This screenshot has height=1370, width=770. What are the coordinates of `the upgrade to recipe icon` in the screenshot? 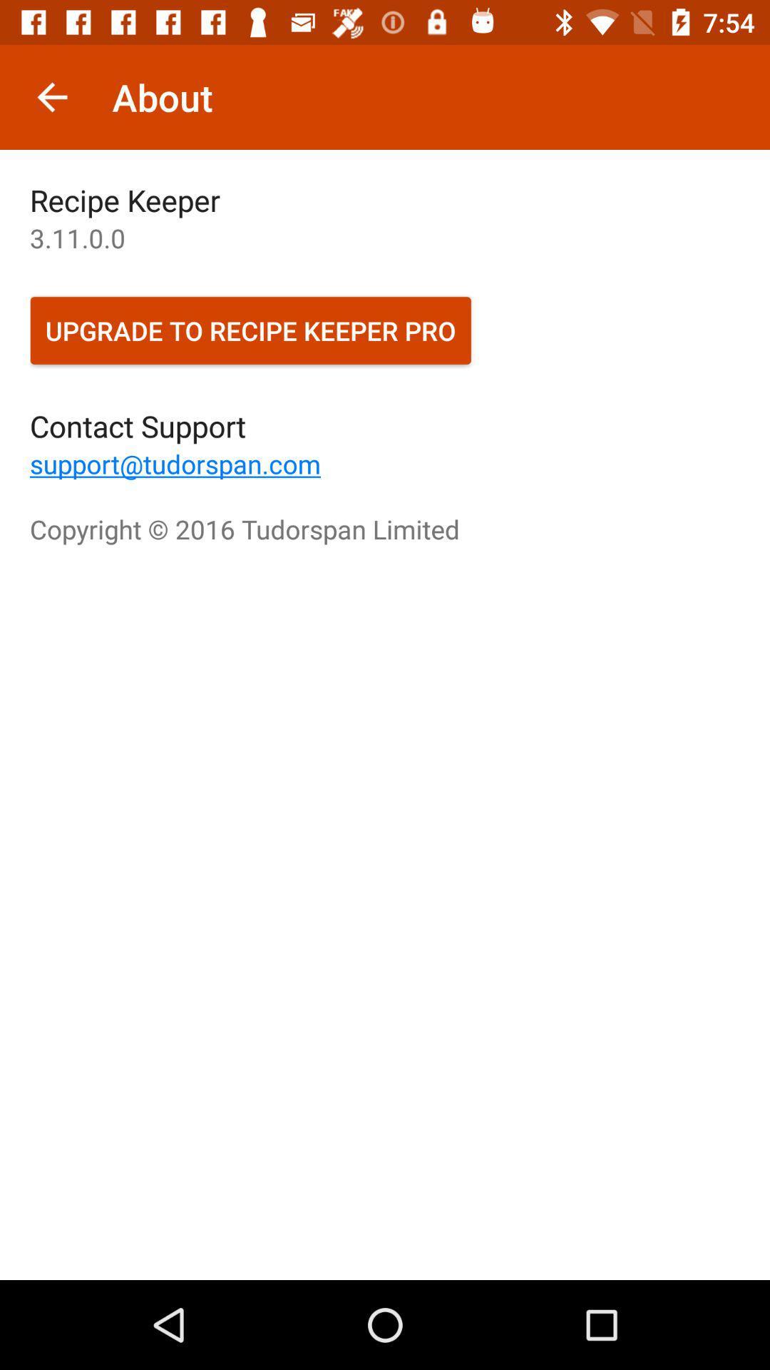 It's located at (250, 330).